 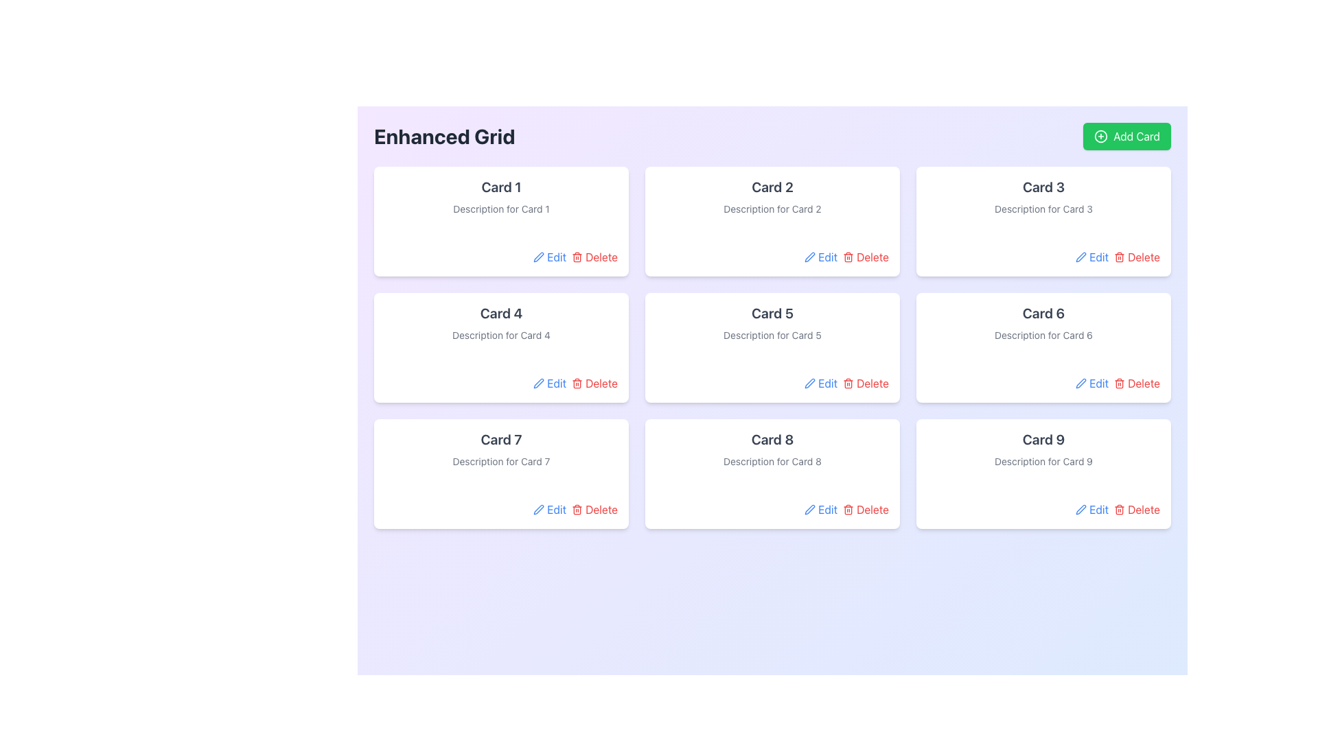 What do you see at coordinates (594, 384) in the screenshot?
I see `the red 'Delete' button with a trash icon located in 'Card 4', under the 'Edit' button` at bounding box center [594, 384].